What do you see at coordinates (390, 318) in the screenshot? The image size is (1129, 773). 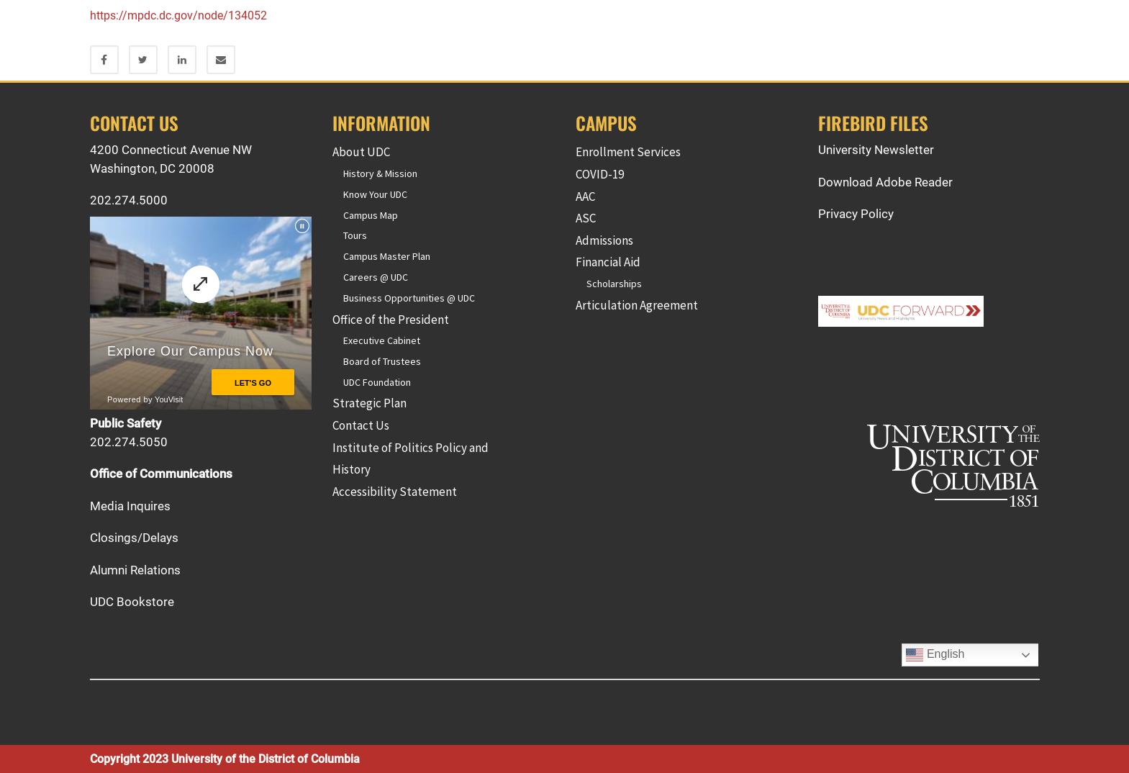 I see `'Office of the President'` at bounding box center [390, 318].